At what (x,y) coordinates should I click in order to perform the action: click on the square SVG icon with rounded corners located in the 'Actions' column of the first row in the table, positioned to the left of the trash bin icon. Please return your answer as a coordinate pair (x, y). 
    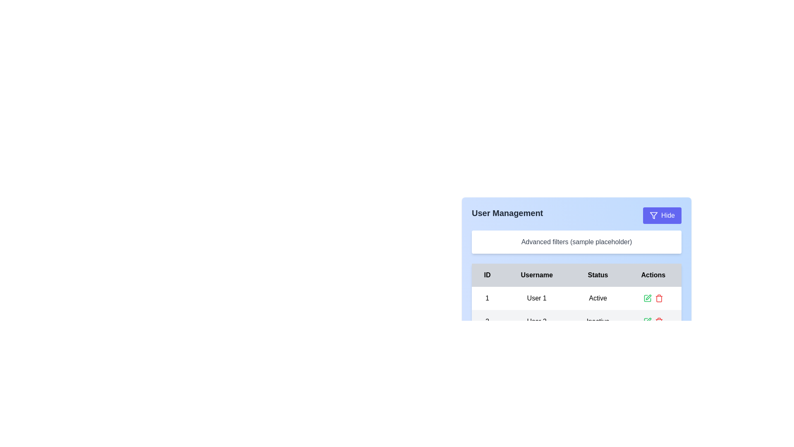
    Looking at the image, I should click on (647, 298).